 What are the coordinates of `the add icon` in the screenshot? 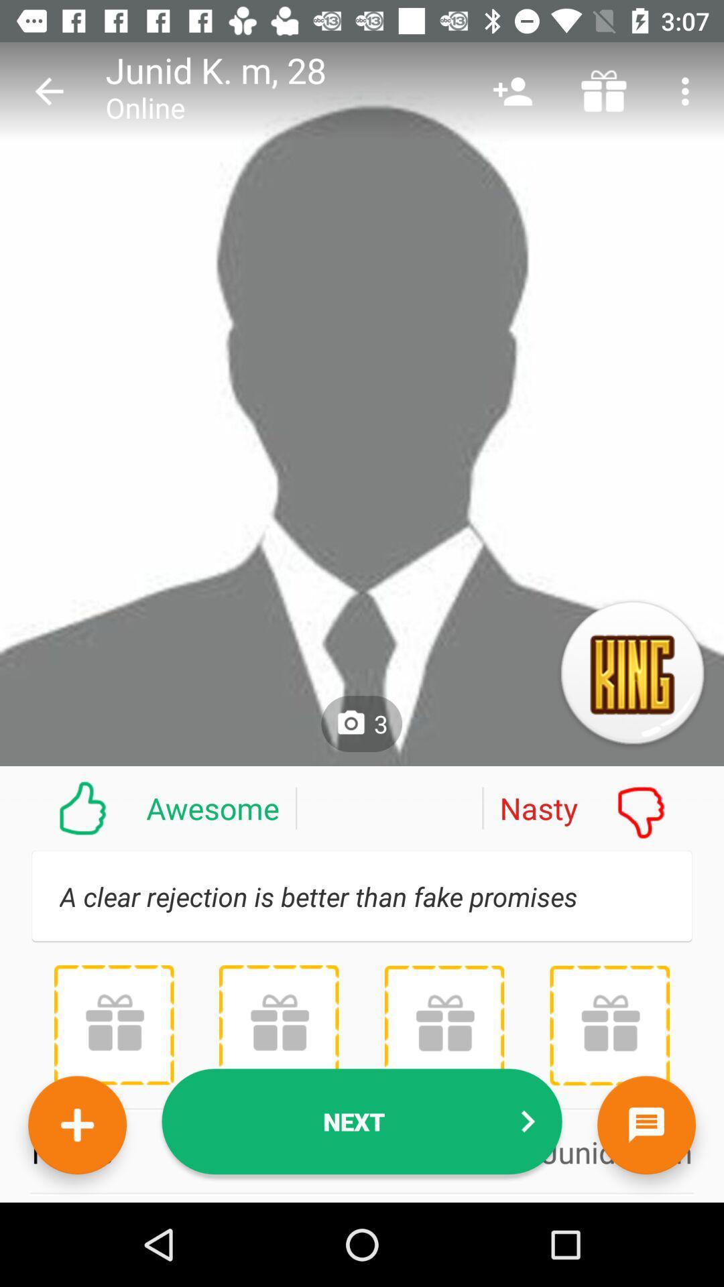 It's located at (77, 1125).